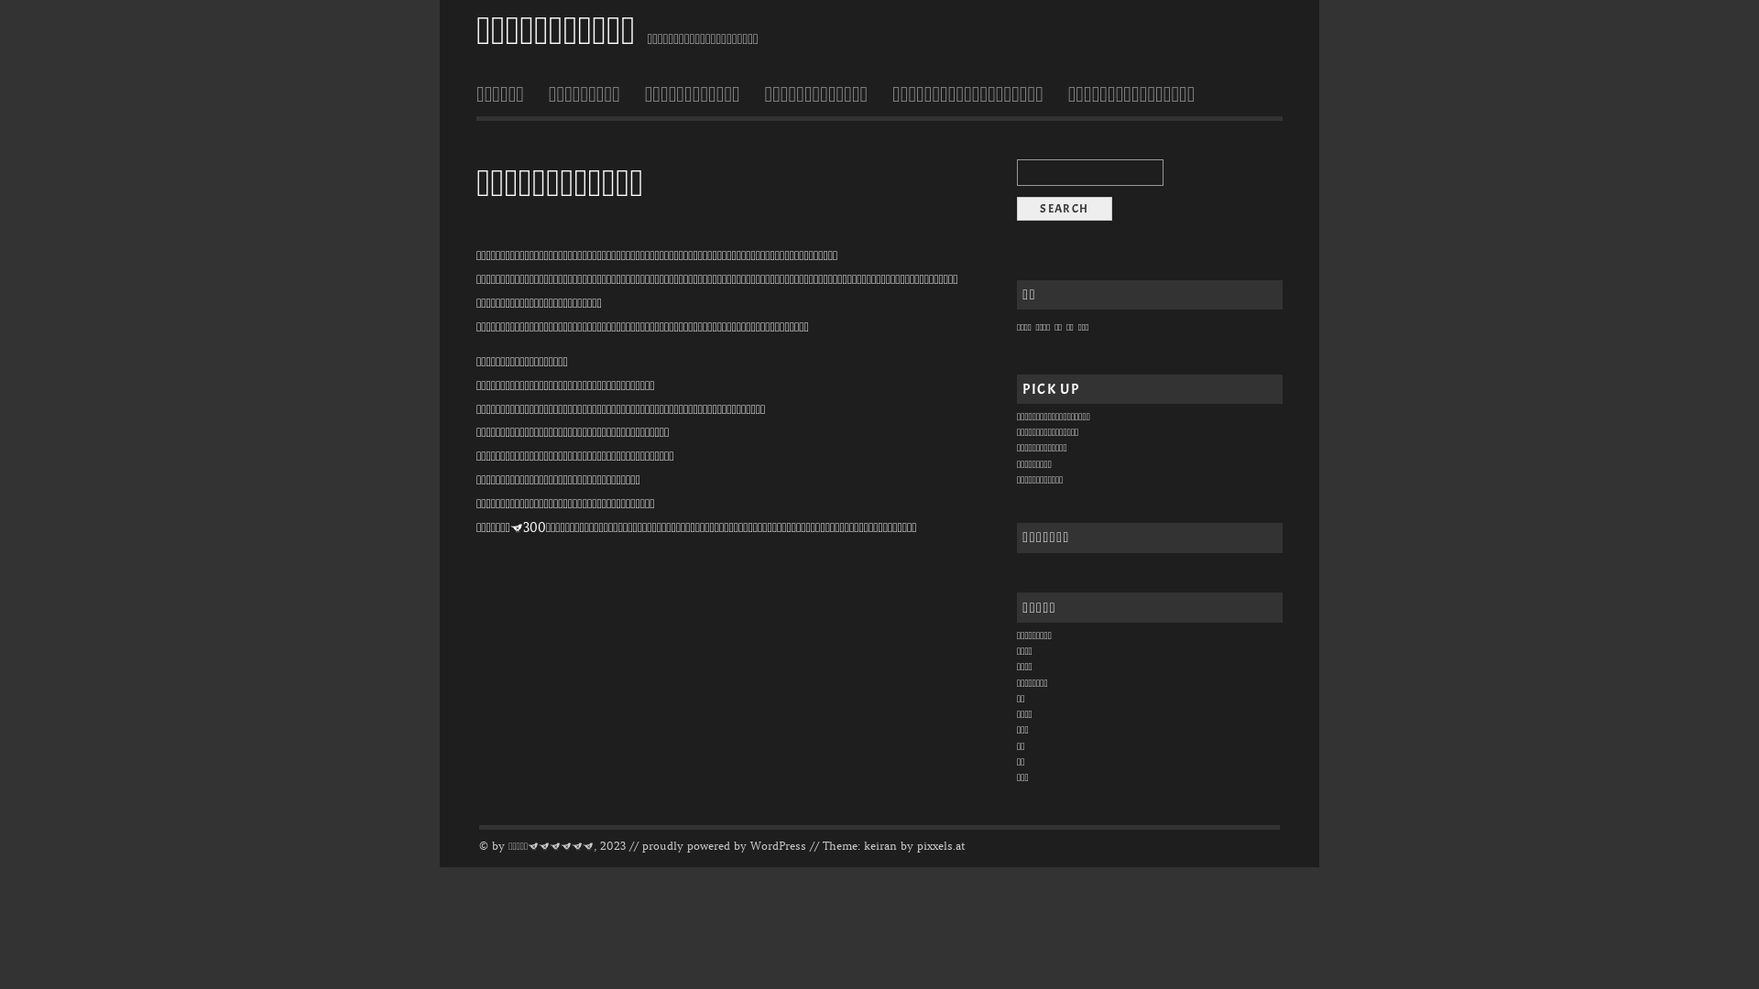  Describe the element at coordinates (1015, 207) in the screenshot. I see `'search'` at that location.